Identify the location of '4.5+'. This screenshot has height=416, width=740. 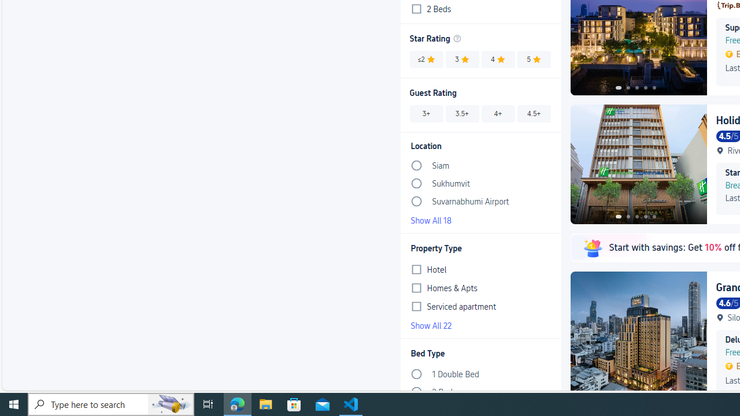
(533, 113).